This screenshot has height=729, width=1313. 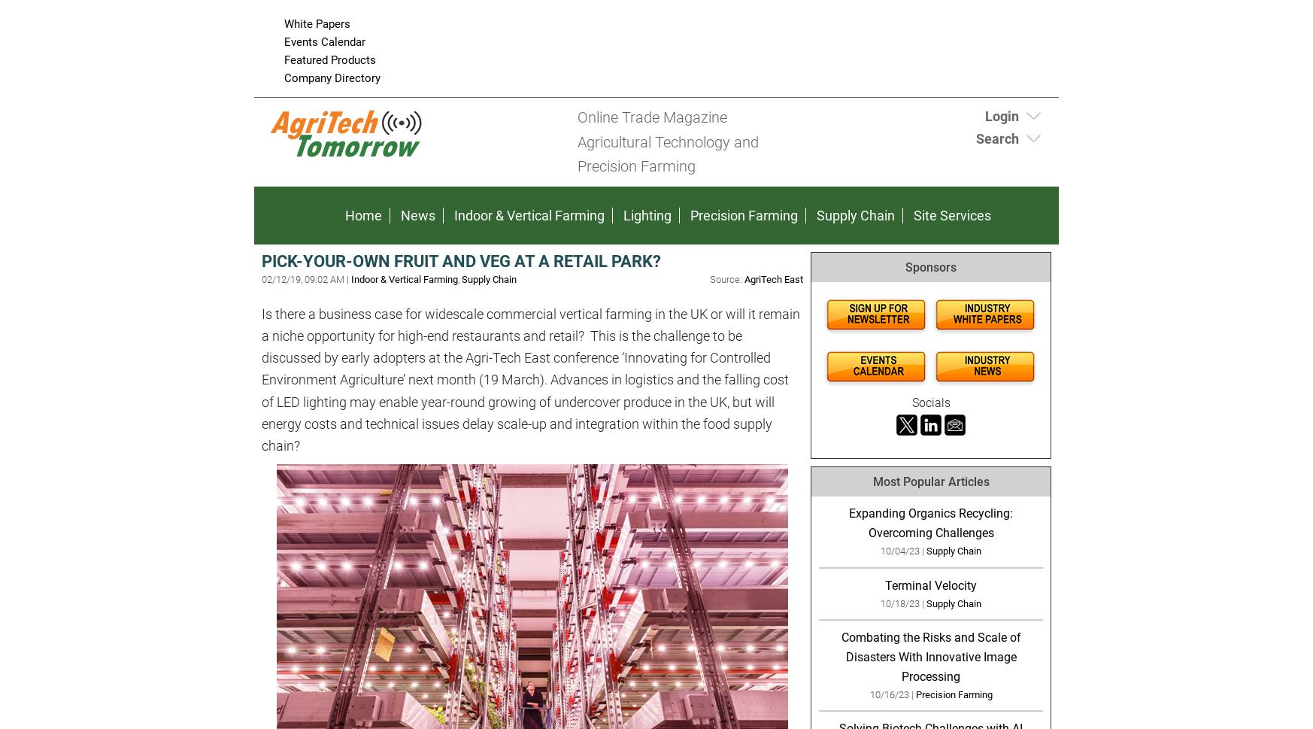 I want to click on 'Supply Chain', so click(x=854, y=214).